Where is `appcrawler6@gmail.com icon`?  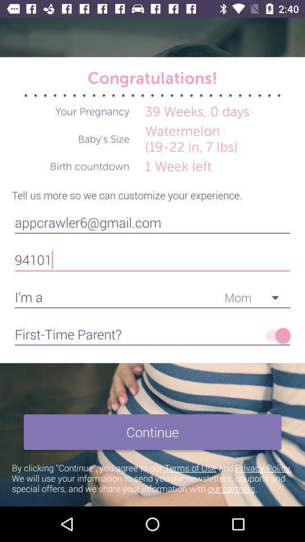
appcrawler6@gmail.com icon is located at coordinates (152, 222).